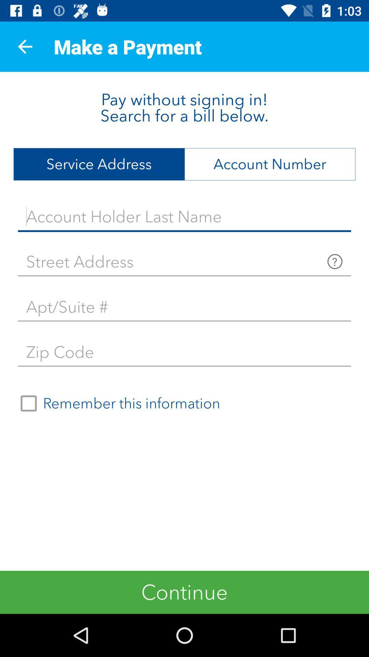  Describe the element at coordinates (184, 592) in the screenshot. I see `the continue item` at that location.